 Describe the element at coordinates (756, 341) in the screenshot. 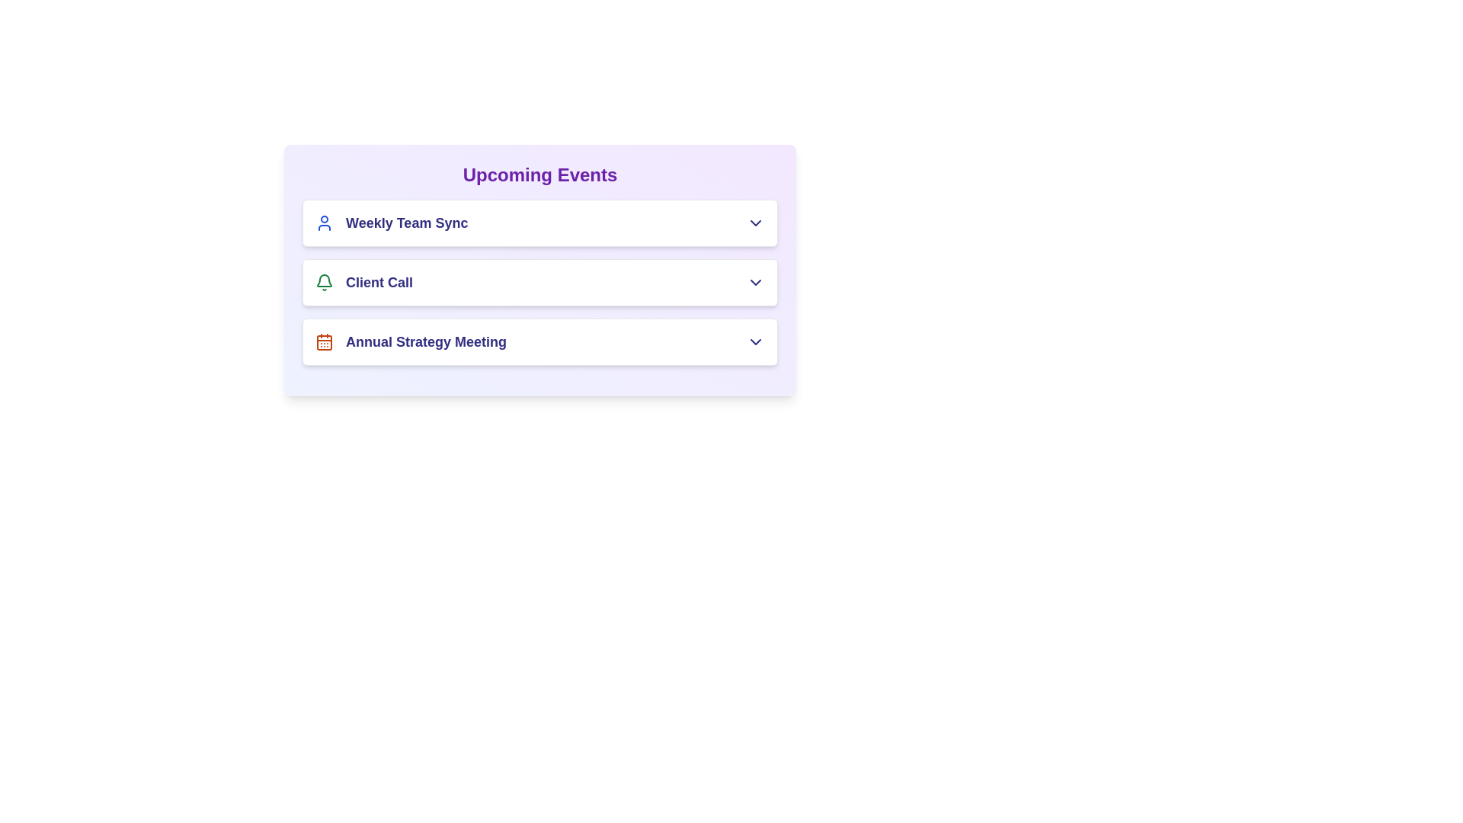

I see `the chevron-down icon located on the far right side of the 'Annual Strategy Meeting' text panel in the Upcoming Events section` at that location.